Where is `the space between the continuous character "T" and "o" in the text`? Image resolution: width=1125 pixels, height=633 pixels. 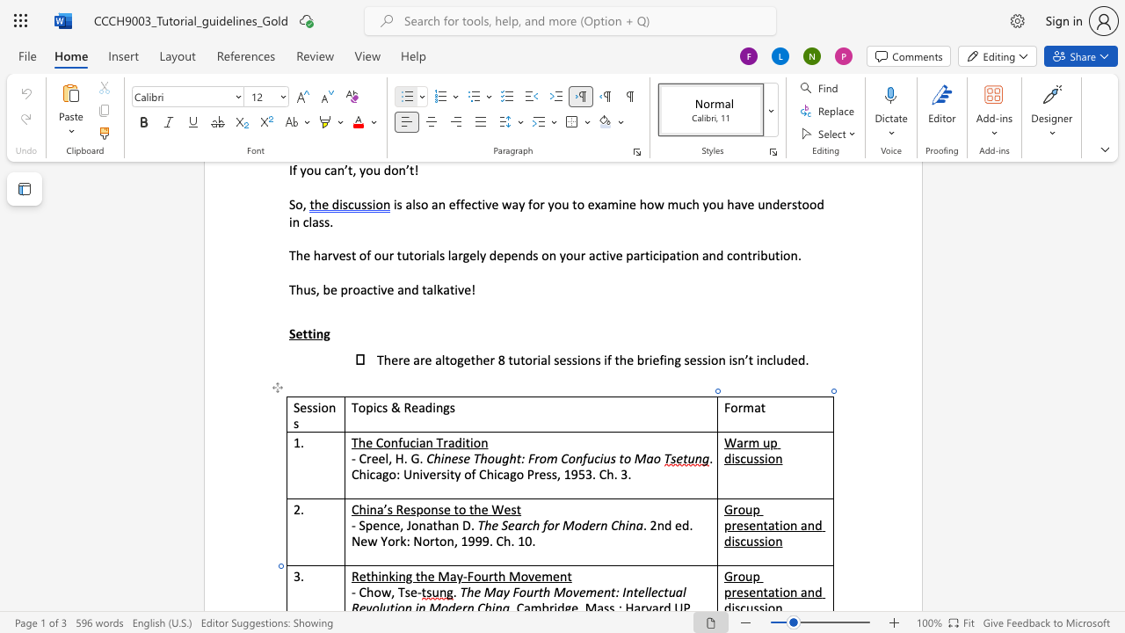
the space between the continuous character "T" and "o" in the text is located at coordinates (357, 407).